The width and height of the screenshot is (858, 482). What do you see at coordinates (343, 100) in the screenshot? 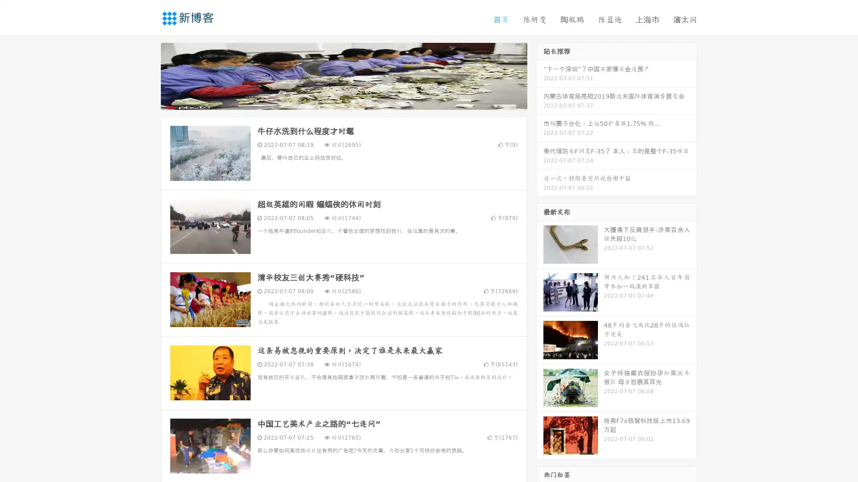
I see `Go to slide 2` at bounding box center [343, 100].